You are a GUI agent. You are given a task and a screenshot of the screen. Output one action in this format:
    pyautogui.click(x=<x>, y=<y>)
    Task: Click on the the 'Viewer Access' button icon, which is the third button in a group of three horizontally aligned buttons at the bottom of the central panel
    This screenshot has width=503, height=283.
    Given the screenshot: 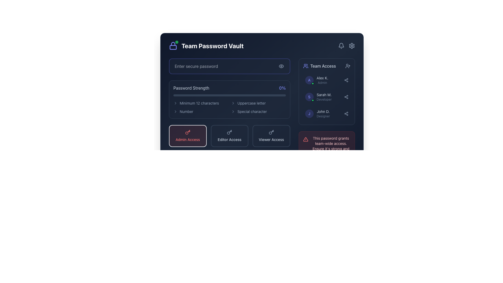 What is the action you would take?
    pyautogui.click(x=271, y=132)
    